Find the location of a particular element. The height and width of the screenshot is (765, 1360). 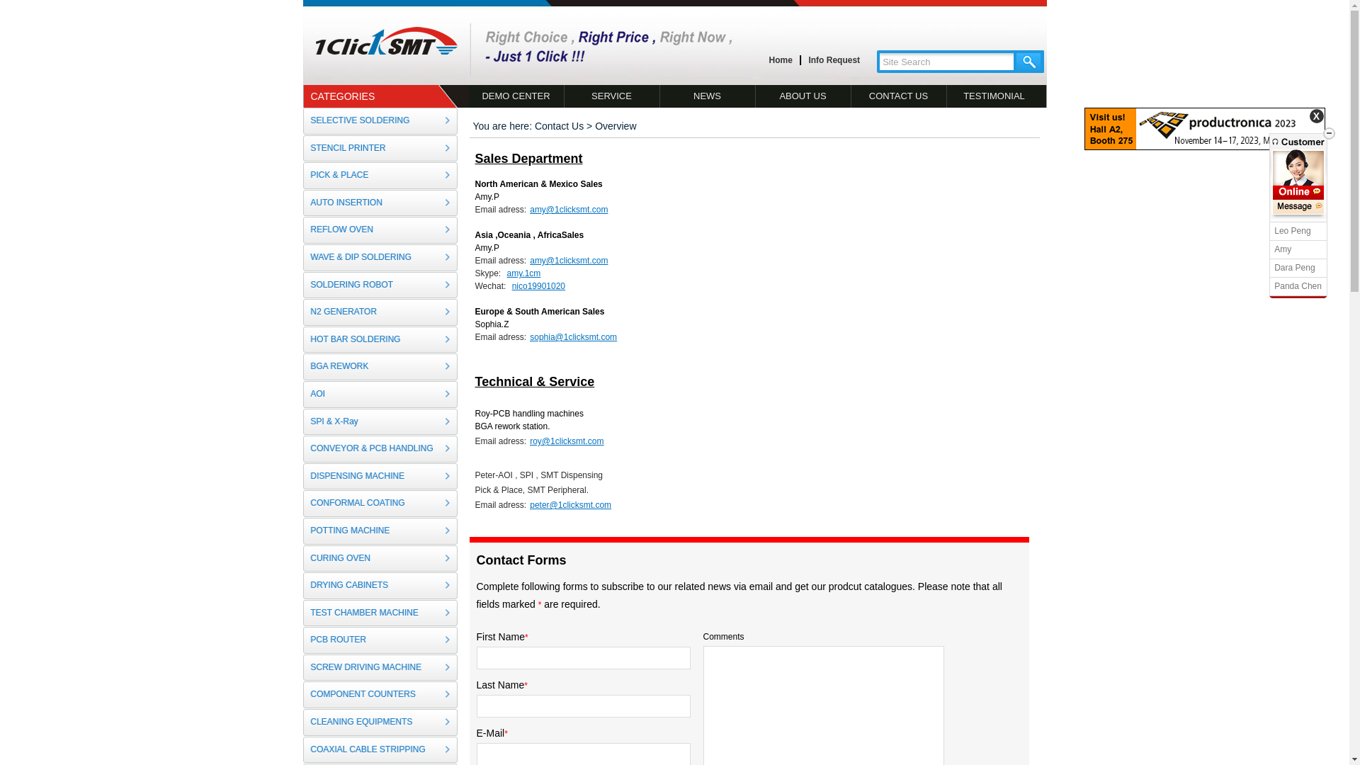

'*' is located at coordinates (526, 636).